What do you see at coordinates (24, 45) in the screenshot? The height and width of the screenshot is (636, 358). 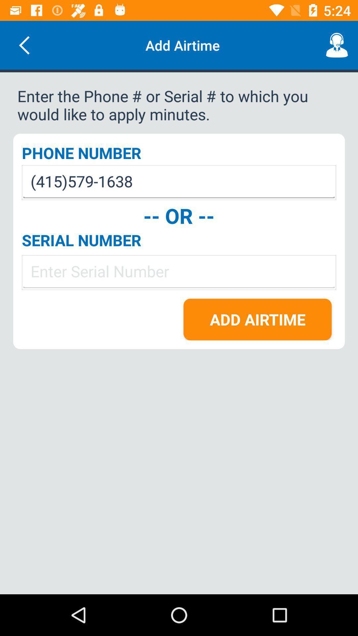 I see `the icon next to add airtime item` at bounding box center [24, 45].